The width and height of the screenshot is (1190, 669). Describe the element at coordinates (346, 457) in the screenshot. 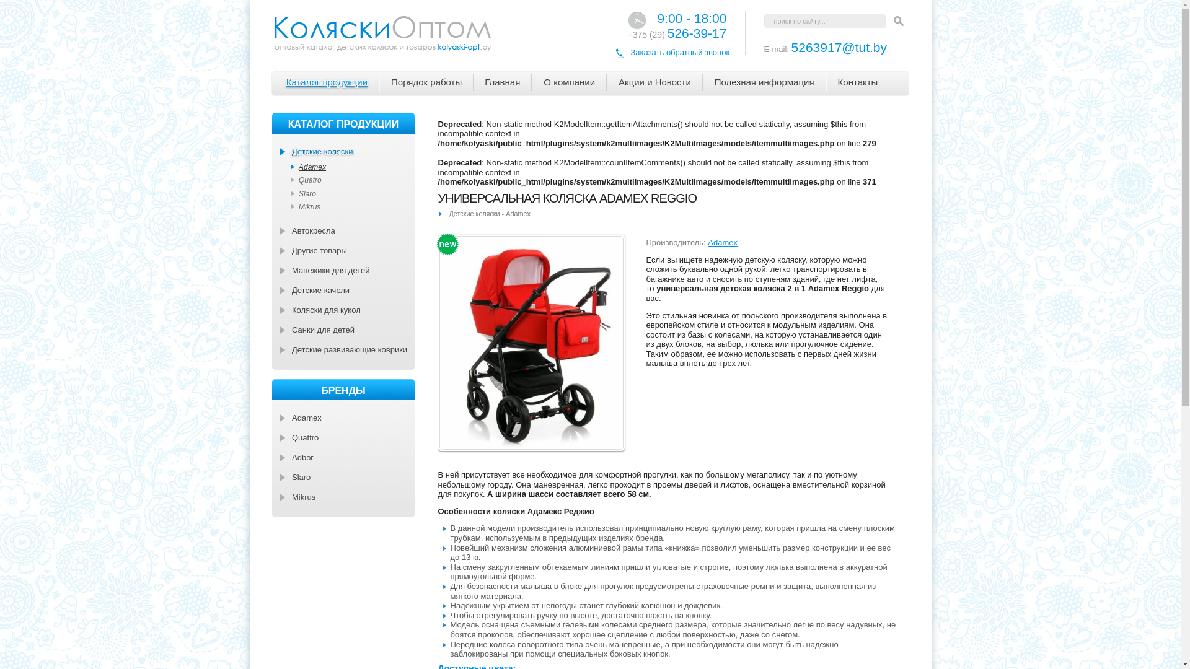

I see `'Adbor'` at that location.